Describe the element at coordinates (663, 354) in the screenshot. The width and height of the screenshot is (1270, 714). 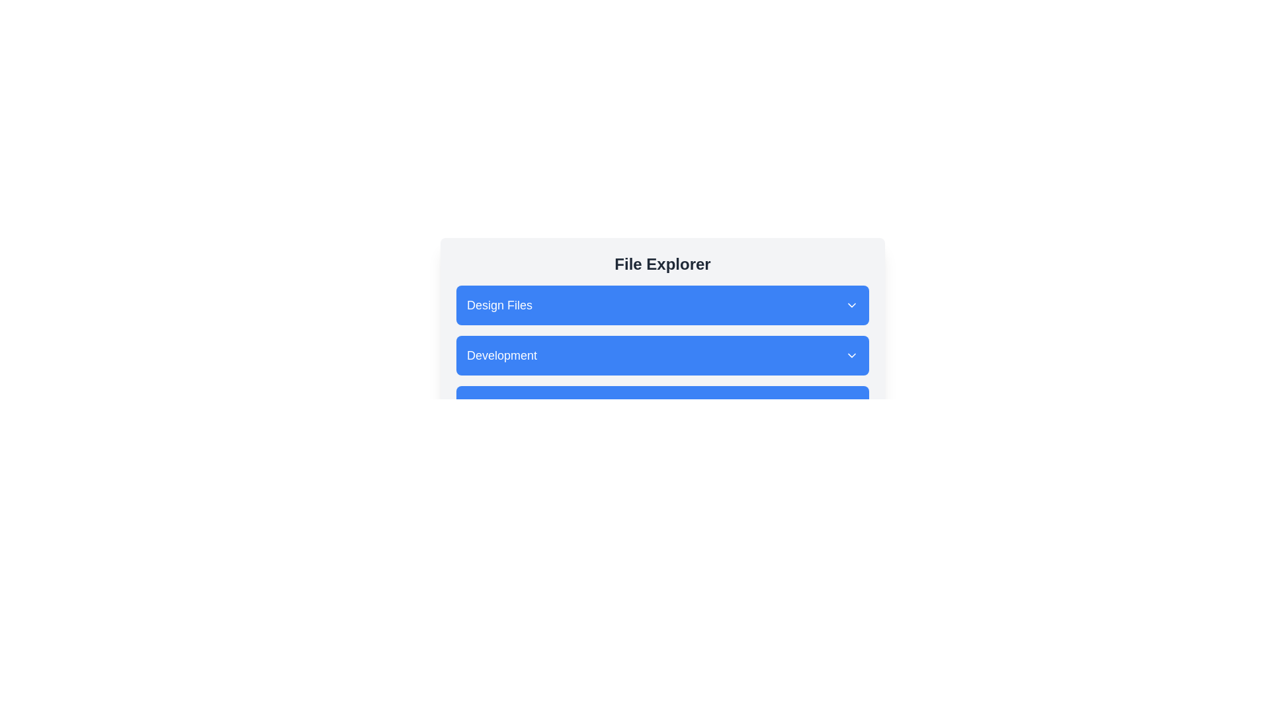
I see `the file named FrontendCode.zip within the folder Development` at that location.